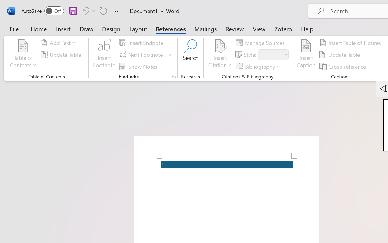  I want to click on 'Update Table', so click(341, 54).